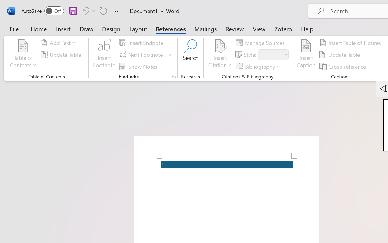  I want to click on 'Update Table', so click(341, 54).